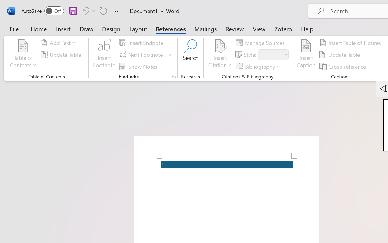  I want to click on 'Update Table', so click(341, 54).